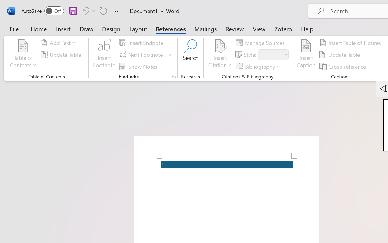  I want to click on 'Update Table', so click(341, 54).